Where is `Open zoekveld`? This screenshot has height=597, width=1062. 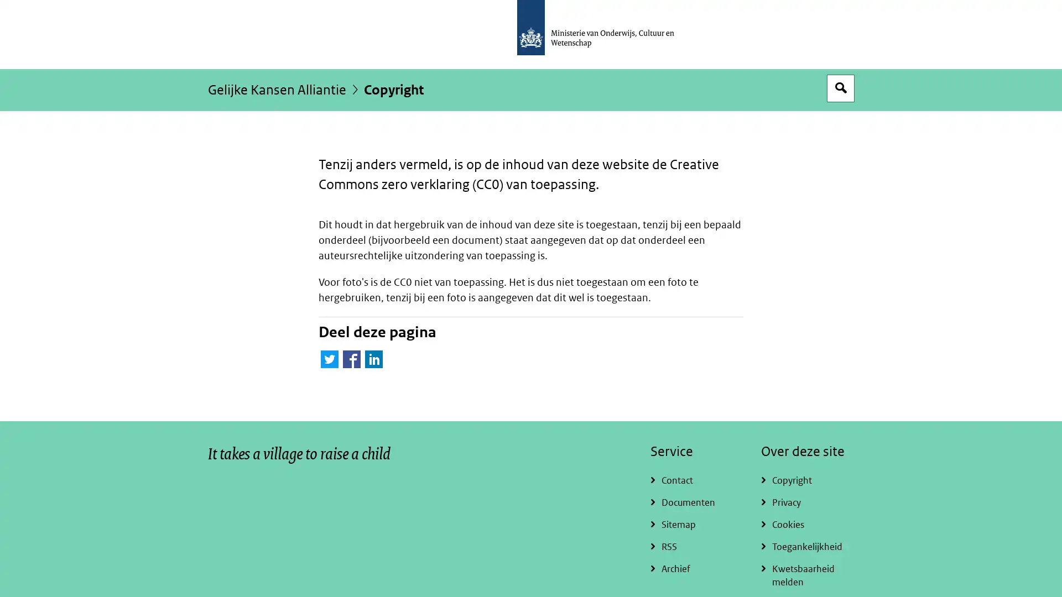 Open zoekveld is located at coordinates (841, 87).